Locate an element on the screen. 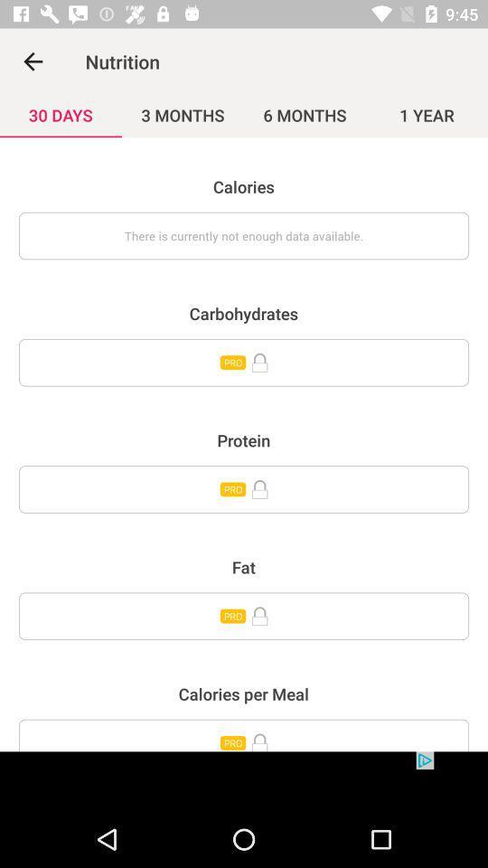 The width and height of the screenshot is (488, 868). open advertisement is located at coordinates (244, 780).